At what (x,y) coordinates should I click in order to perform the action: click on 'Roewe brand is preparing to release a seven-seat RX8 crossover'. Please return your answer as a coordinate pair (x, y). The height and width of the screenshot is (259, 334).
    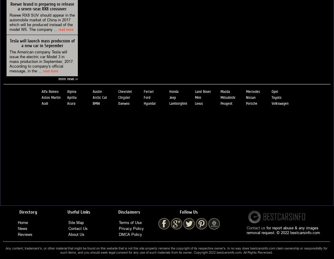
    Looking at the image, I should click on (42, 6).